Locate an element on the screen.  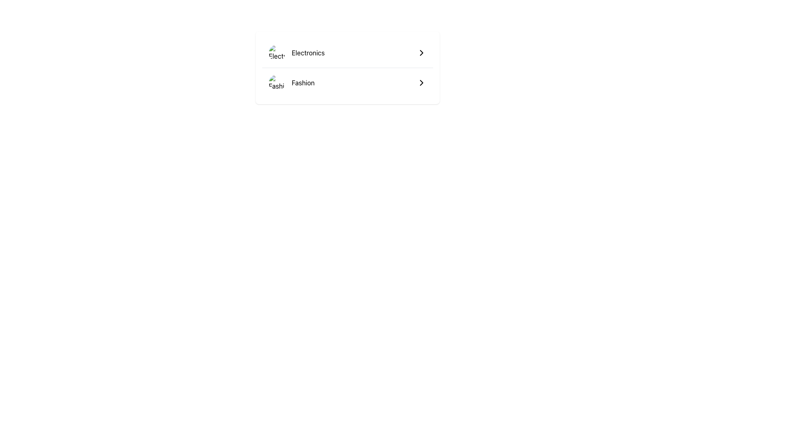
the chevron right navigation icon located at the far-right end of the 'Fashion' menu row is located at coordinates (422, 82).